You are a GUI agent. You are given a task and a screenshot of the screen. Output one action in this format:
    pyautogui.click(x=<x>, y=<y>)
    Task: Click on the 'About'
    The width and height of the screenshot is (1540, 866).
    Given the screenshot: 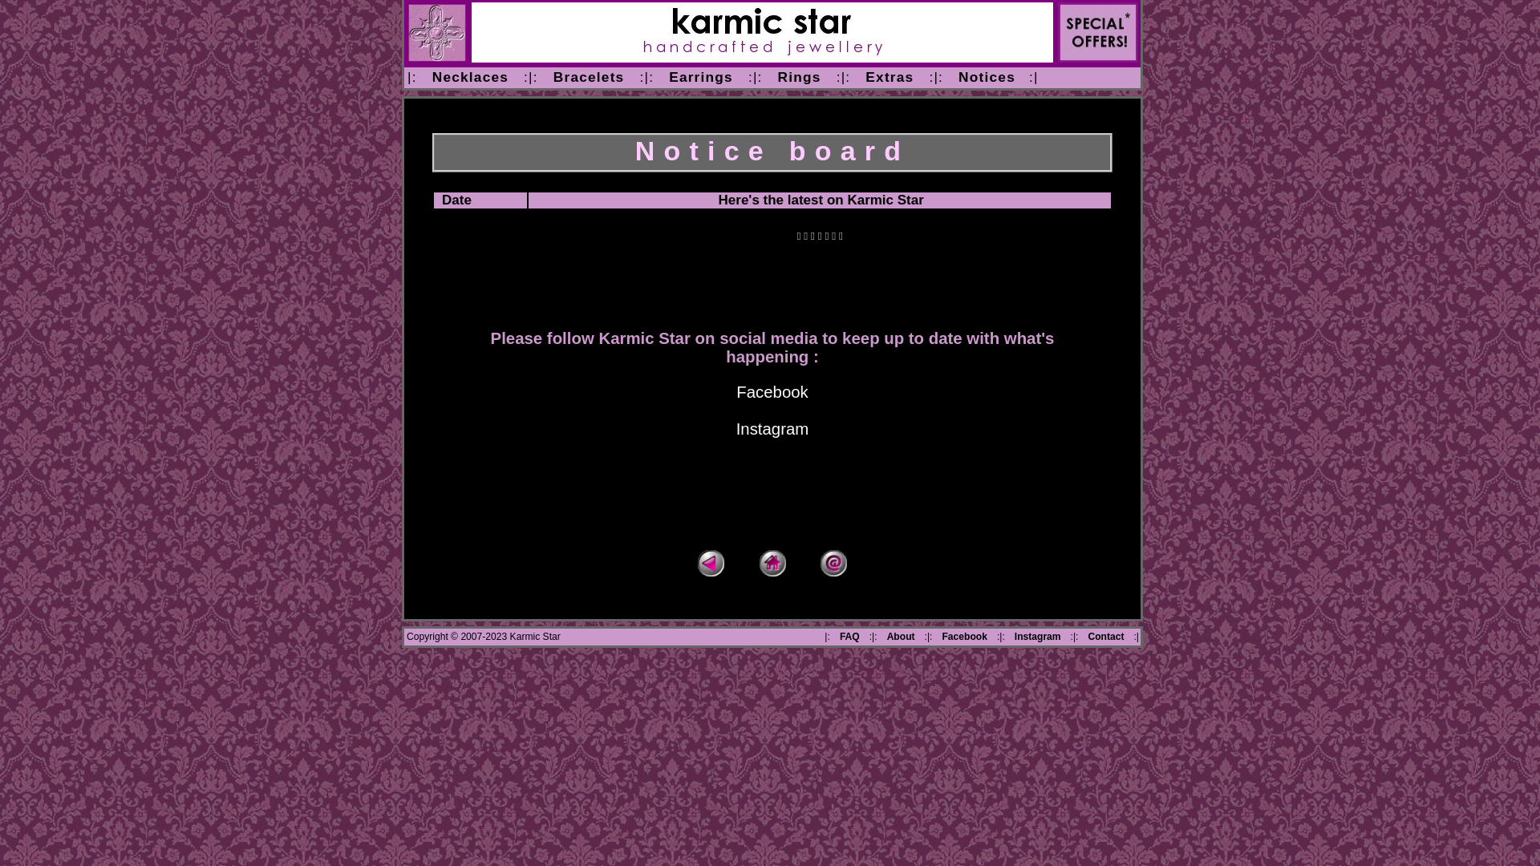 What is the action you would take?
    pyautogui.click(x=885, y=636)
    